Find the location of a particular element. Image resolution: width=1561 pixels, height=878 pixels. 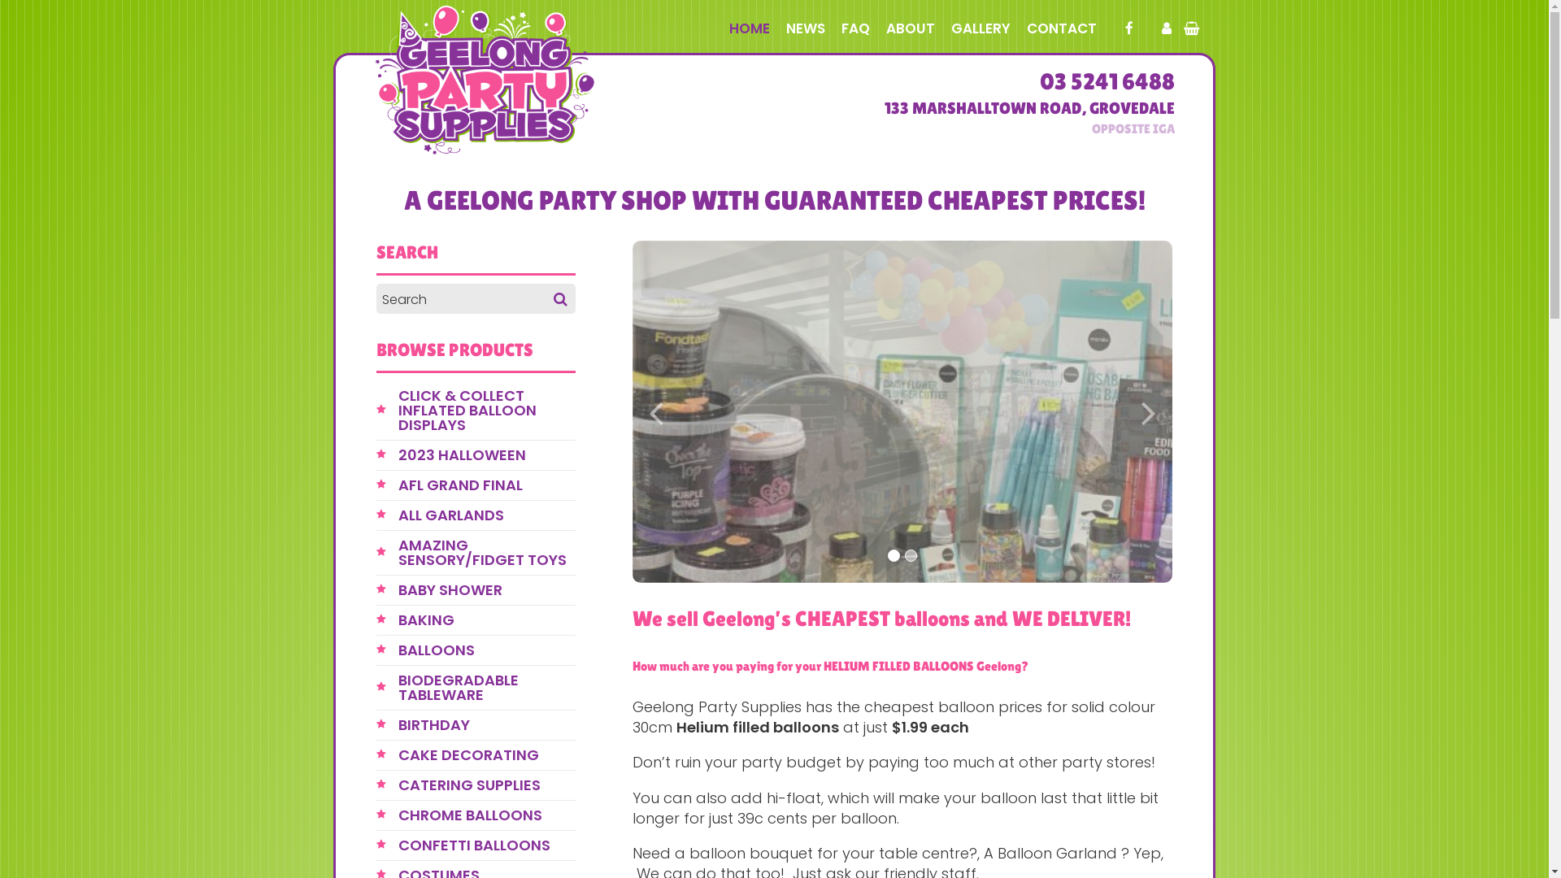

'BAKING' is located at coordinates (486, 620).